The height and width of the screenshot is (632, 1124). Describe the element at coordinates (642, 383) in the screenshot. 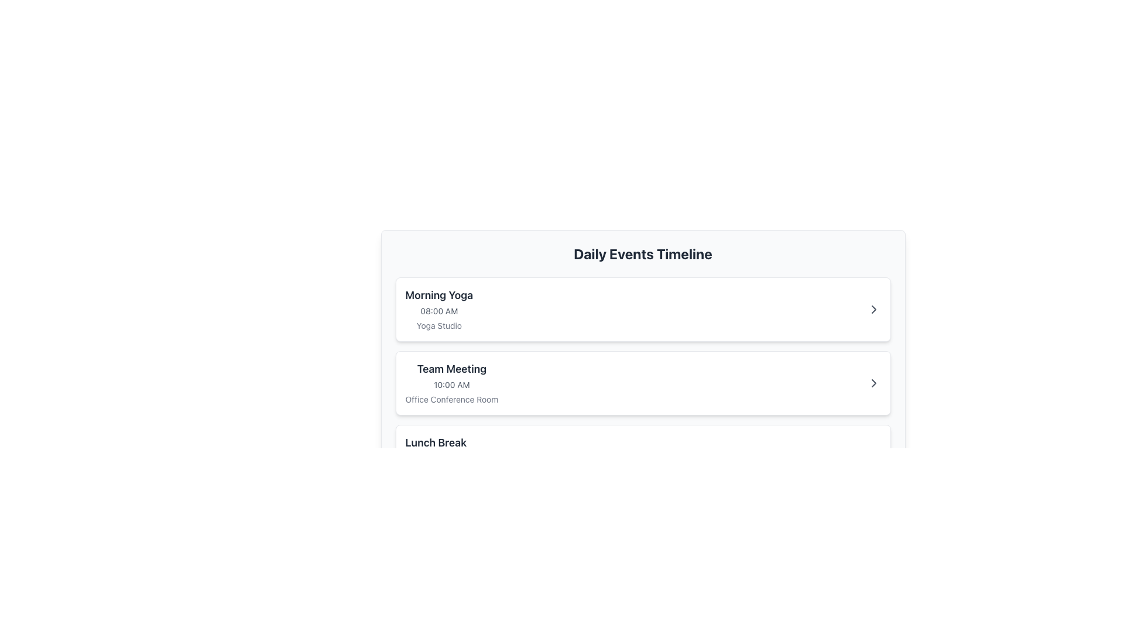

I see `the horizontal event summary panel located in the middle section of the event timeline, which contains key details like event name, time, and location` at that location.